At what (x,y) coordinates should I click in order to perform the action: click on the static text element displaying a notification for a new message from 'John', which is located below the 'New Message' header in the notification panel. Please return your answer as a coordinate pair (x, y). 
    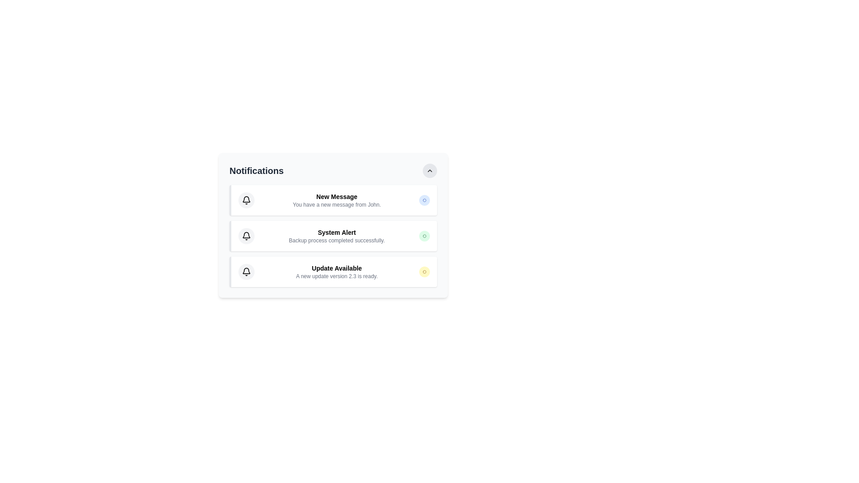
    Looking at the image, I should click on (336, 205).